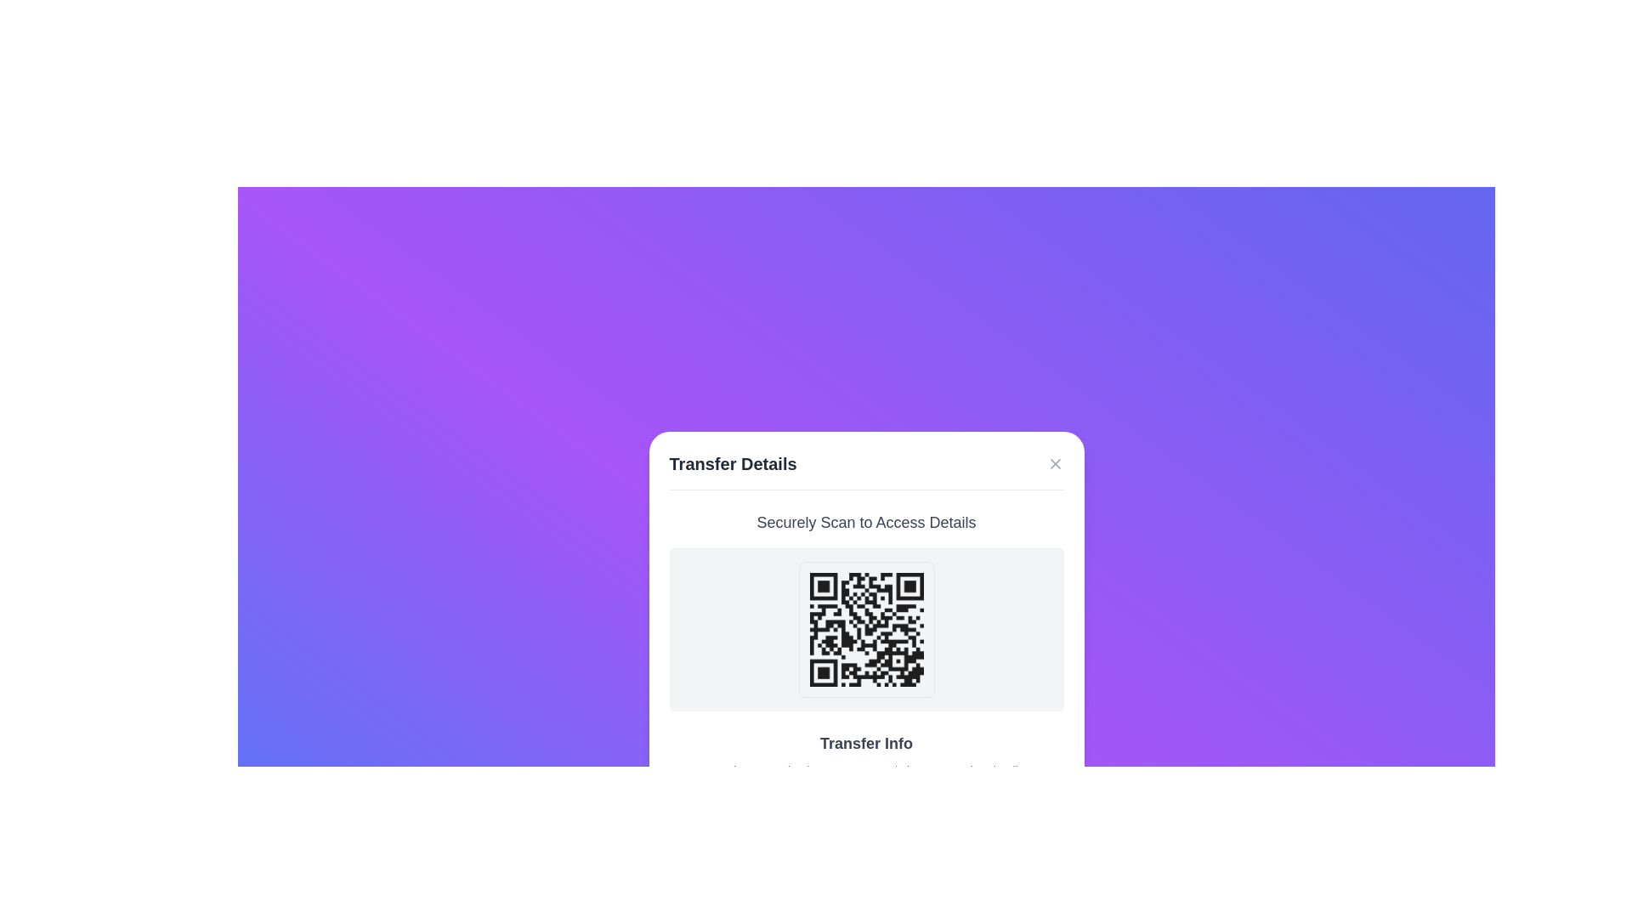 This screenshot has width=1632, height=918. What do you see at coordinates (866, 742) in the screenshot?
I see `the bold, dark-gray text label reading 'Transfer Info' located within the light-colored card interface, positioned below the QR code section` at bounding box center [866, 742].